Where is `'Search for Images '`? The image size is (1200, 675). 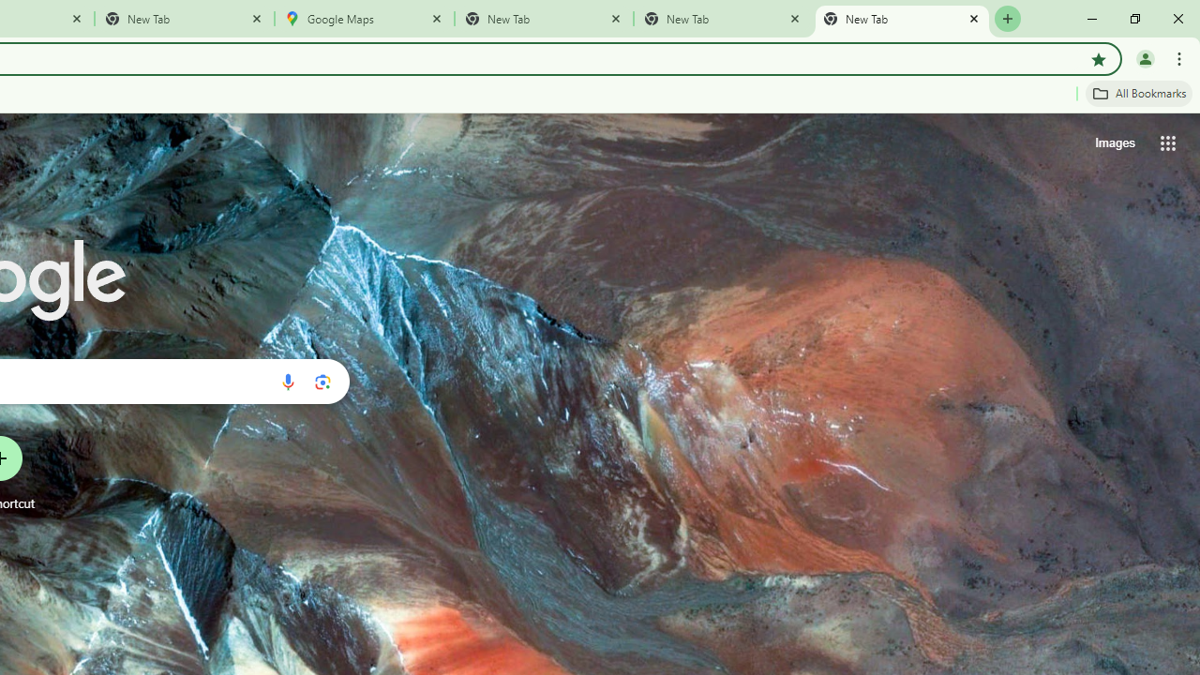 'Search for Images ' is located at coordinates (1115, 142).